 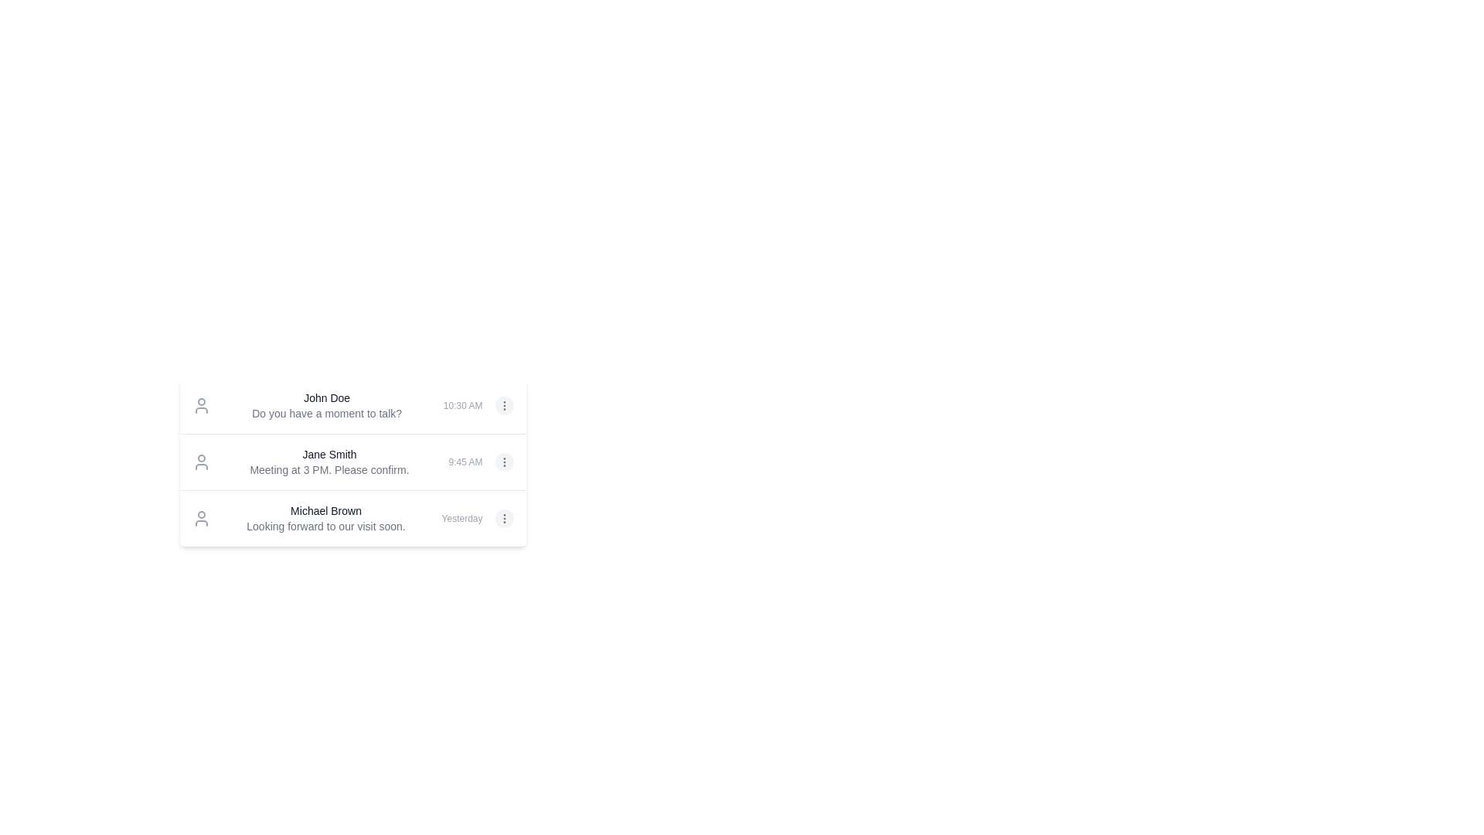 I want to click on or read the information displayed, so click(x=328, y=461).